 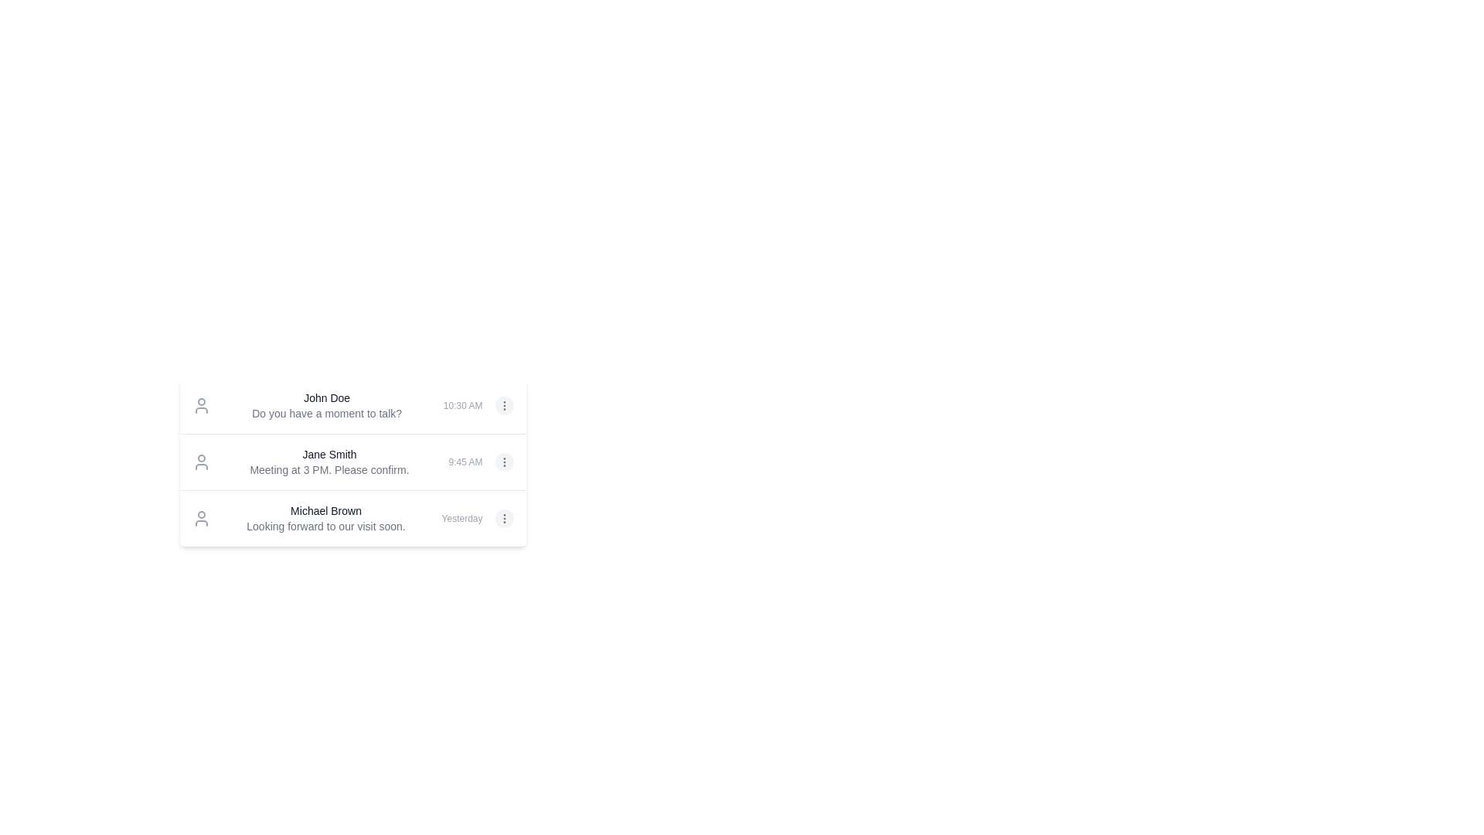 I want to click on or read the information displayed, so click(x=328, y=461).